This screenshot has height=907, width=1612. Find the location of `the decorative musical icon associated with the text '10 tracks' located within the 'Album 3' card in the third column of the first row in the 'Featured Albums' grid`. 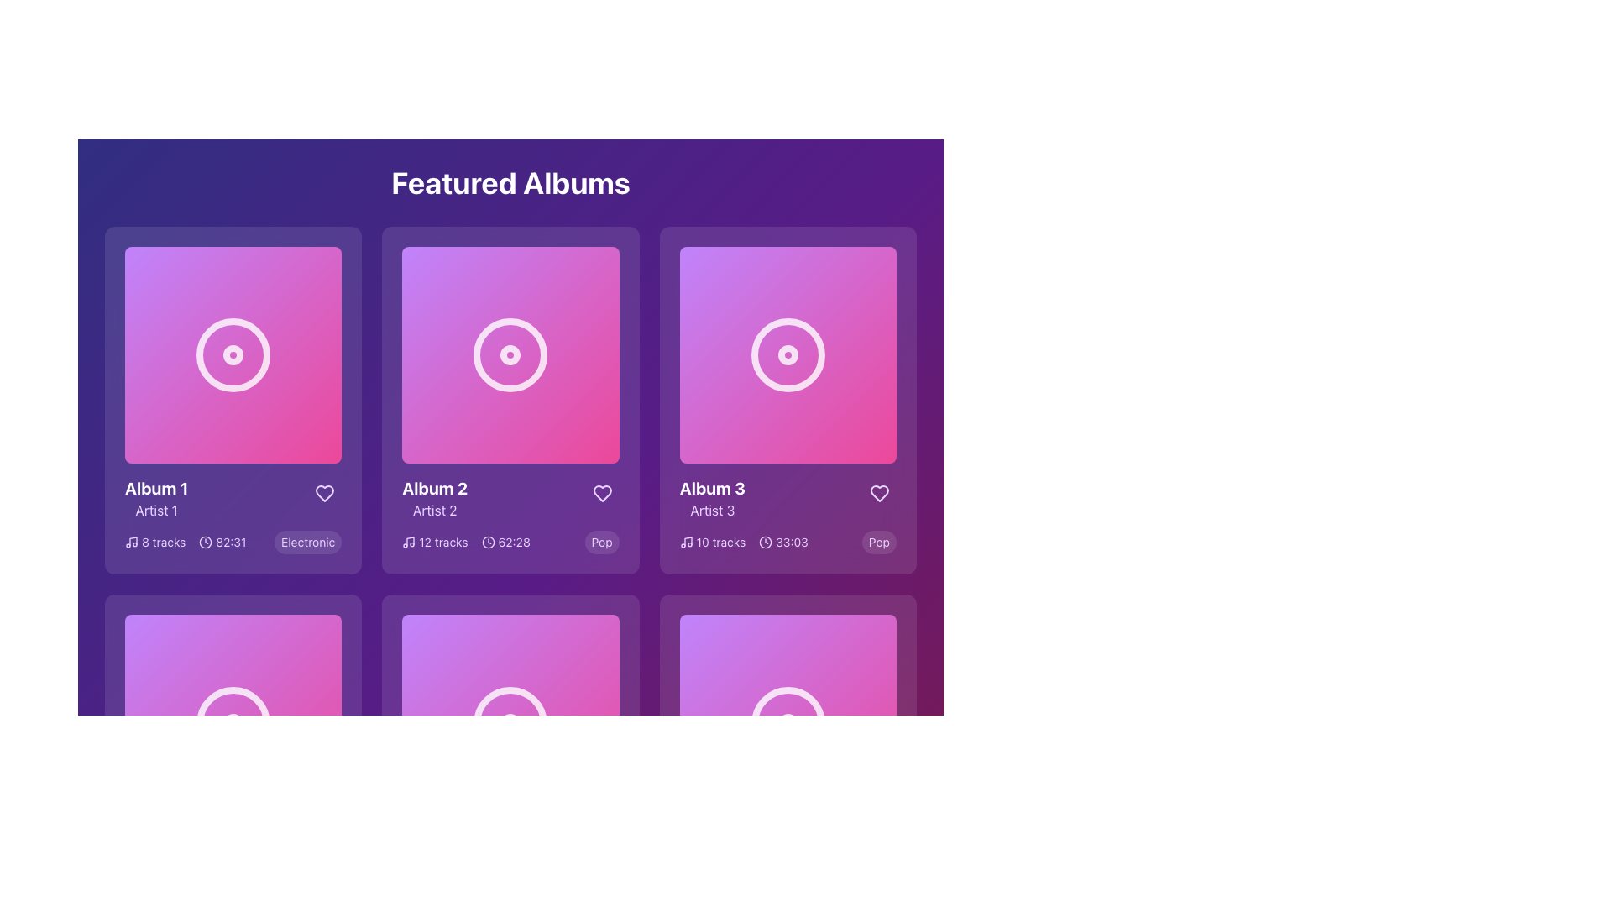

the decorative musical icon associated with the text '10 tracks' located within the 'Album 3' card in the third column of the first row in the 'Featured Albums' grid is located at coordinates (686, 543).